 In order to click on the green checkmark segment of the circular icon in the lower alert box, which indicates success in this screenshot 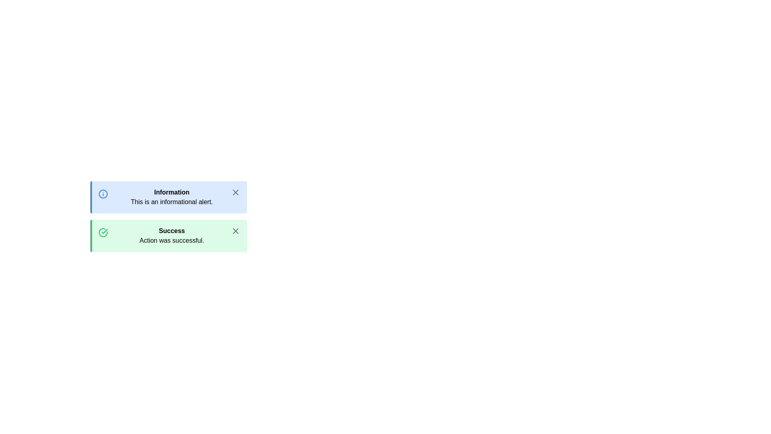, I will do `click(103, 232)`.